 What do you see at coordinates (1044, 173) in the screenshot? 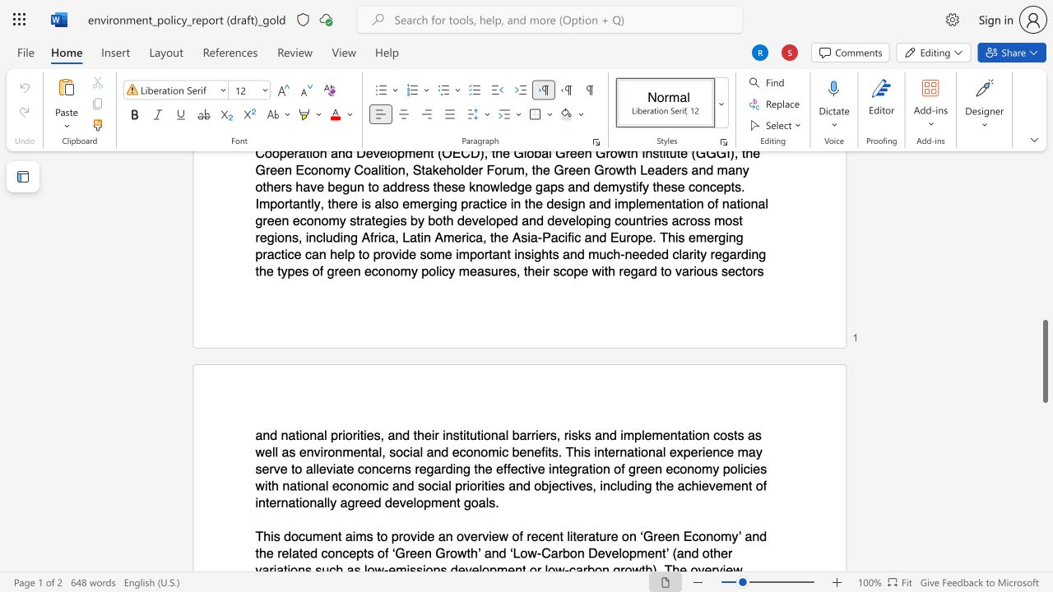
I see `the scrollbar to scroll the page up` at bounding box center [1044, 173].